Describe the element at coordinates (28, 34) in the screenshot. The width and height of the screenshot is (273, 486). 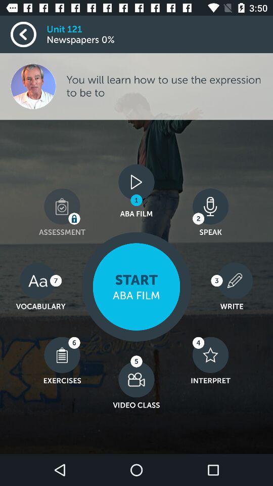
I see `back button` at that location.